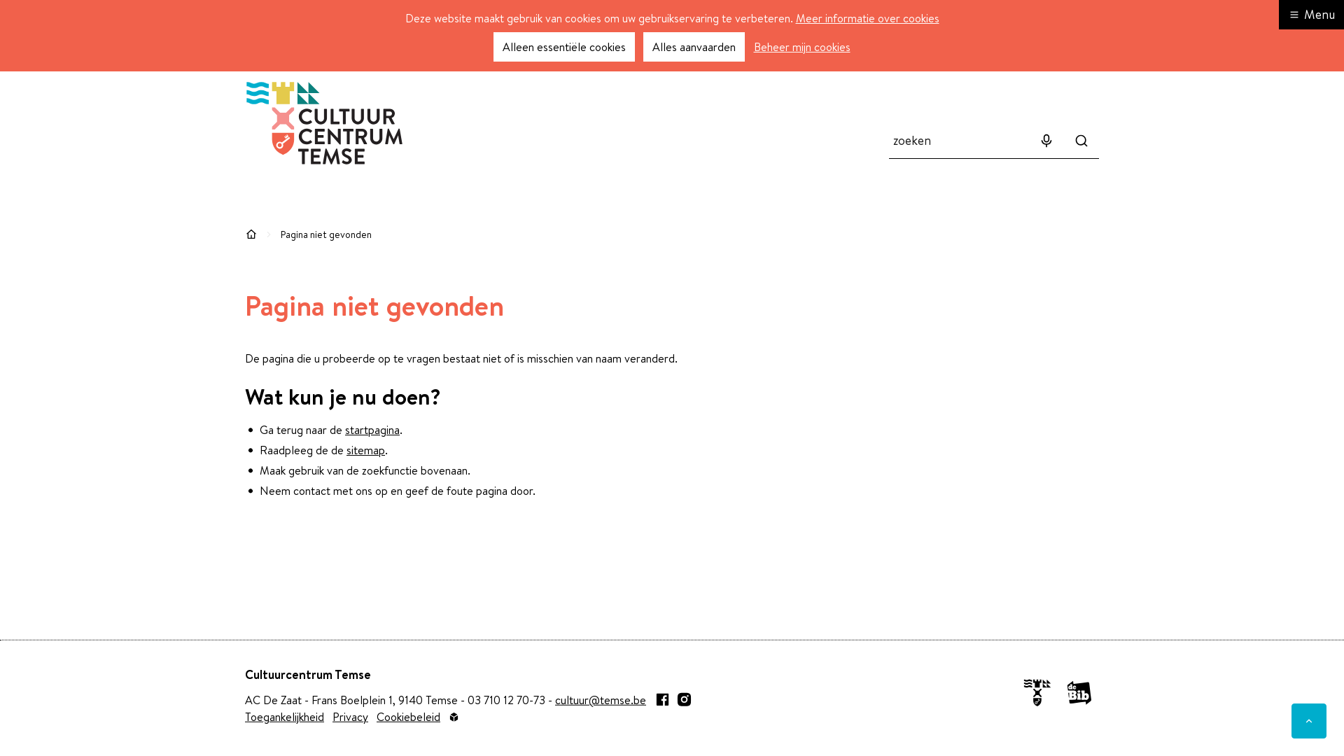 The image size is (1344, 756). What do you see at coordinates (1028, 140) in the screenshot?
I see `'Opzoeking via microfoon activeren'` at bounding box center [1028, 140].